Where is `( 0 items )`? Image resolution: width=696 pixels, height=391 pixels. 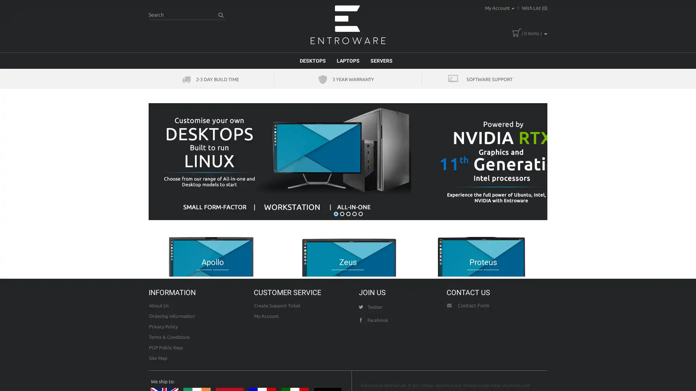
( 0 items ) is located at coordinates (530, 33).